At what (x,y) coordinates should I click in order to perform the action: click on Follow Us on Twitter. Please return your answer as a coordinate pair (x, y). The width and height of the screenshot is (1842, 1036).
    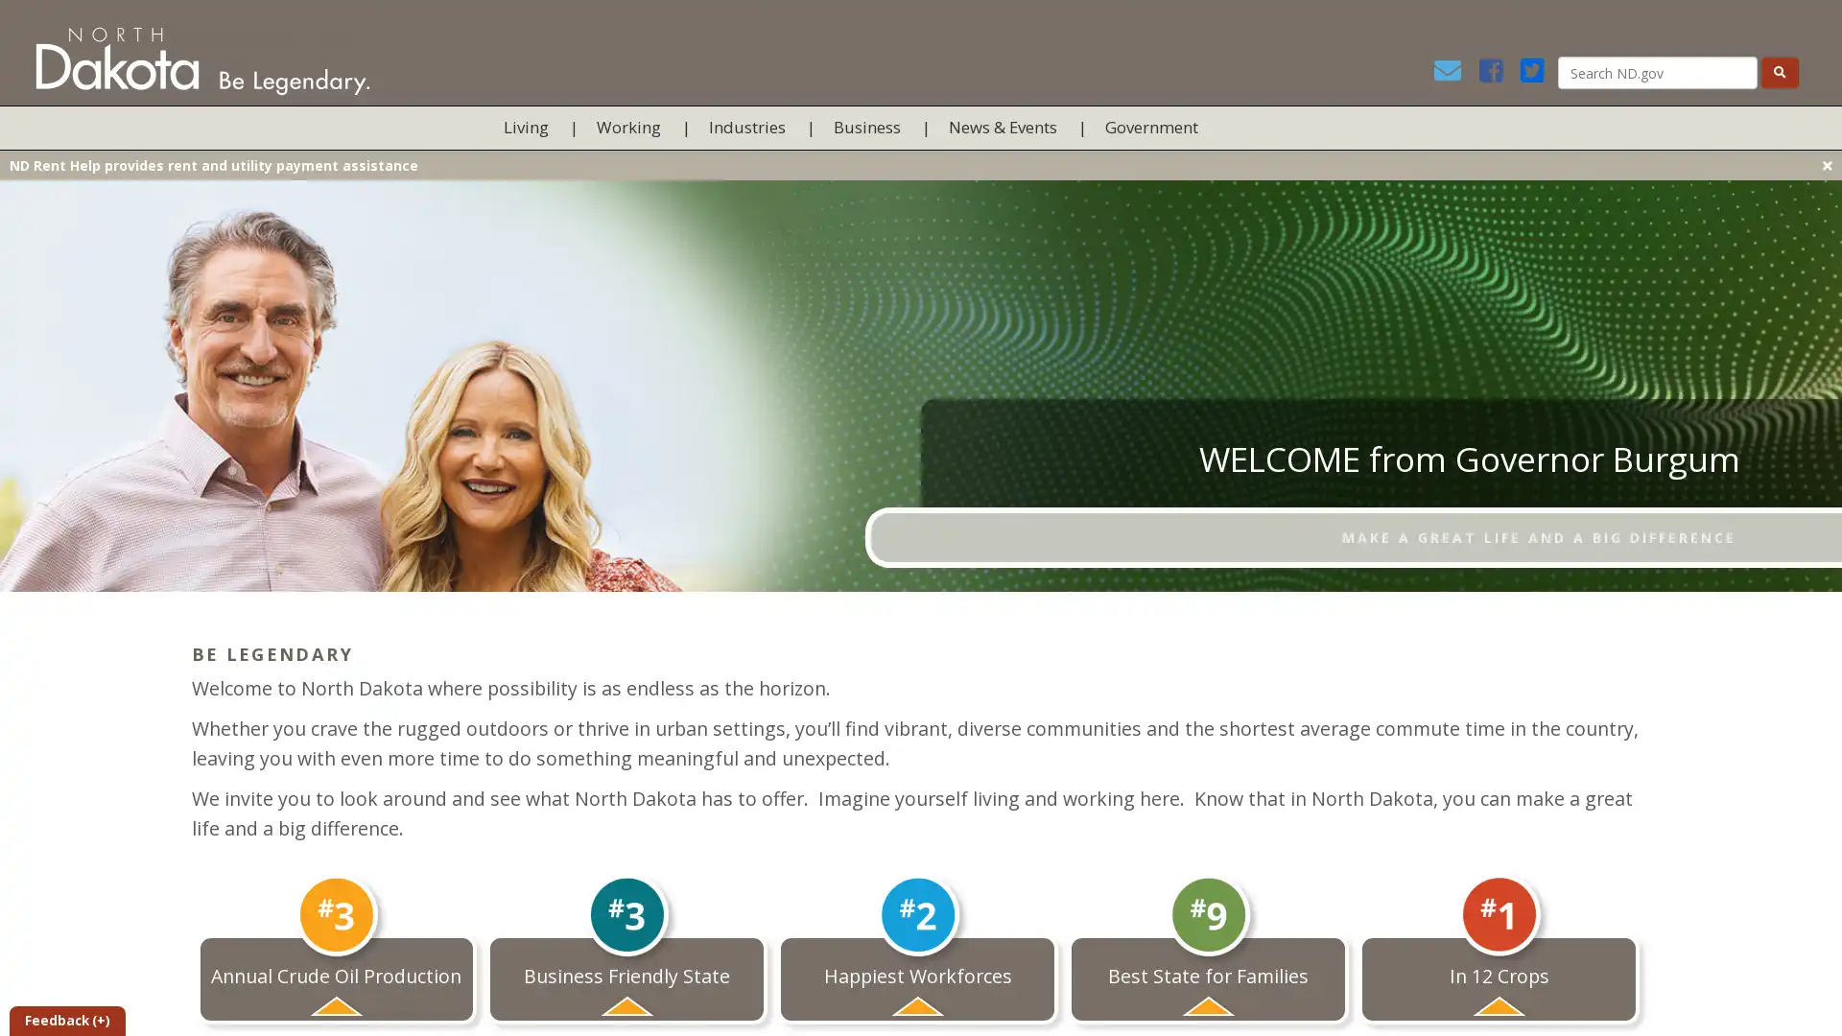
    Looking at the image, I should click on (1536, 74).